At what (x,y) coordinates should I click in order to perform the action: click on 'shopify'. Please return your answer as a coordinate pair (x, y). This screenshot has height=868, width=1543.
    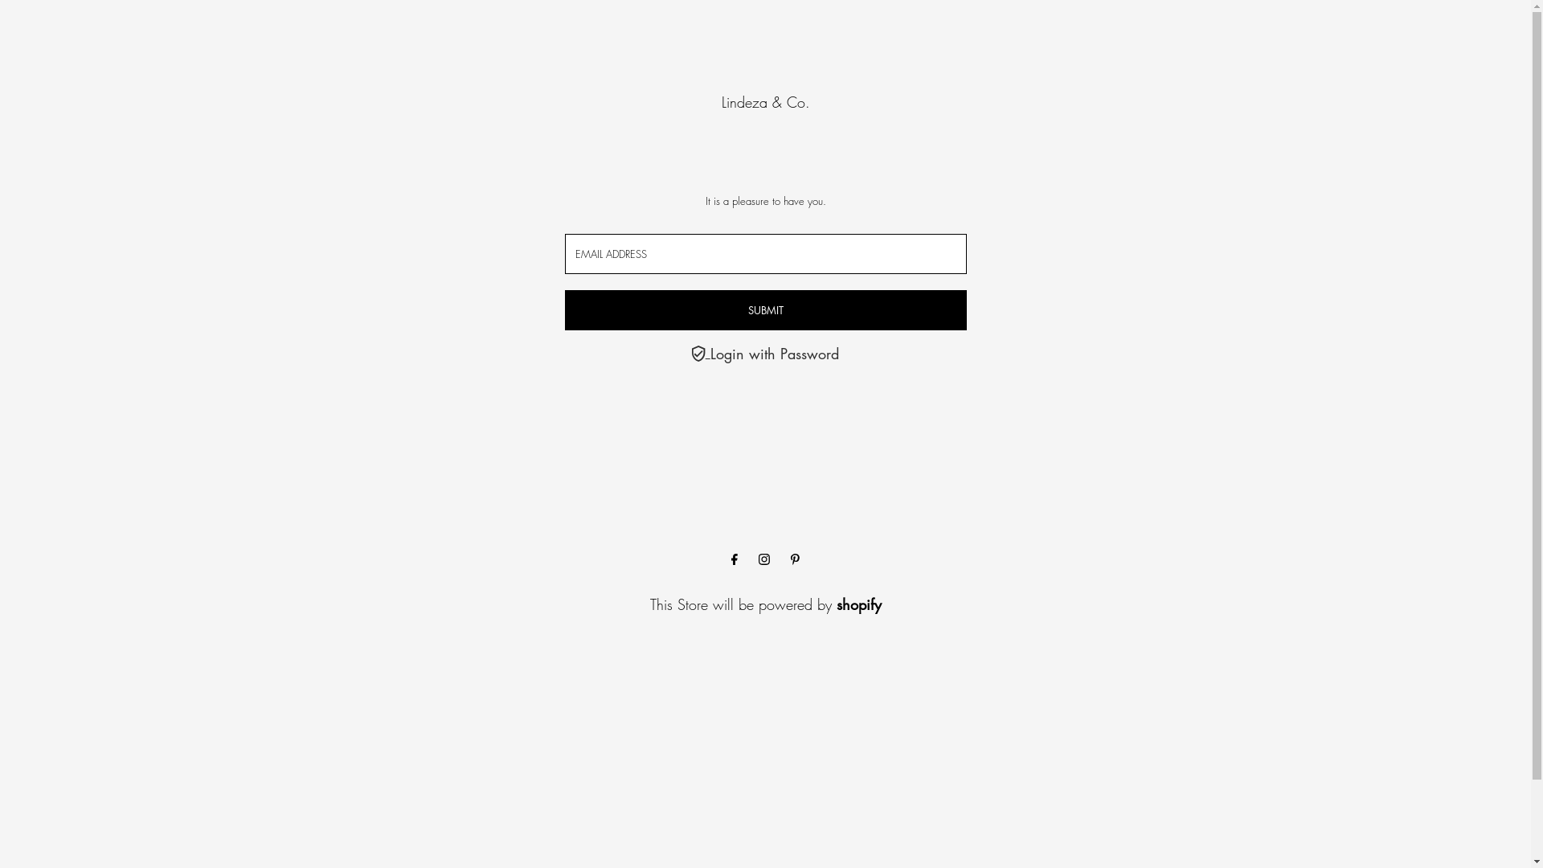
    Looking at the image, I should click on (857, 604).